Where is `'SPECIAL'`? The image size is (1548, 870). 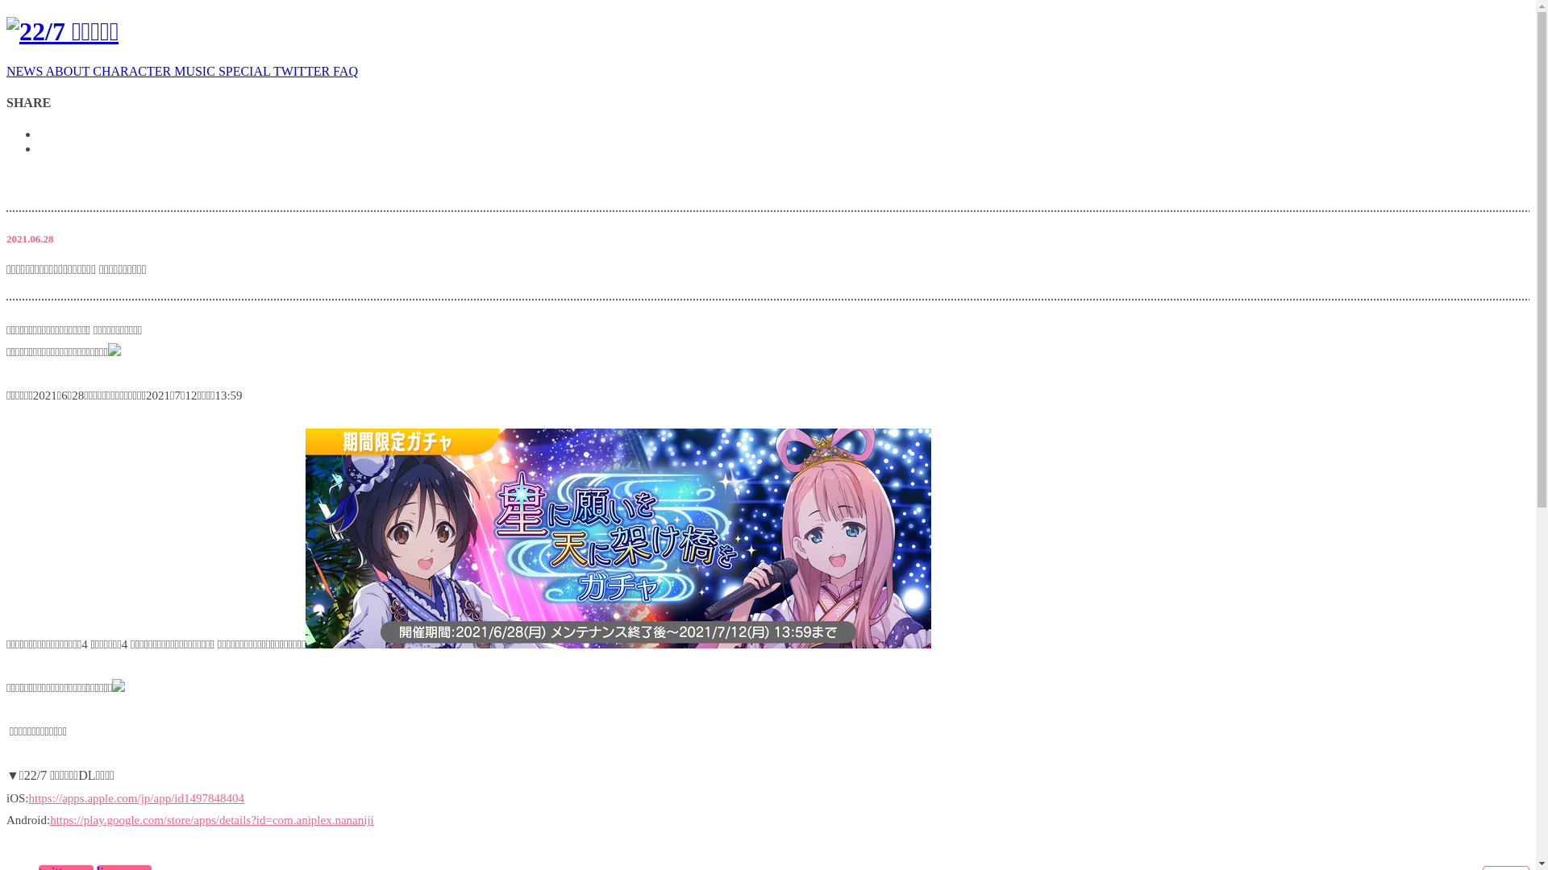
'SPECIAL' is located at coordinates (245, 70).